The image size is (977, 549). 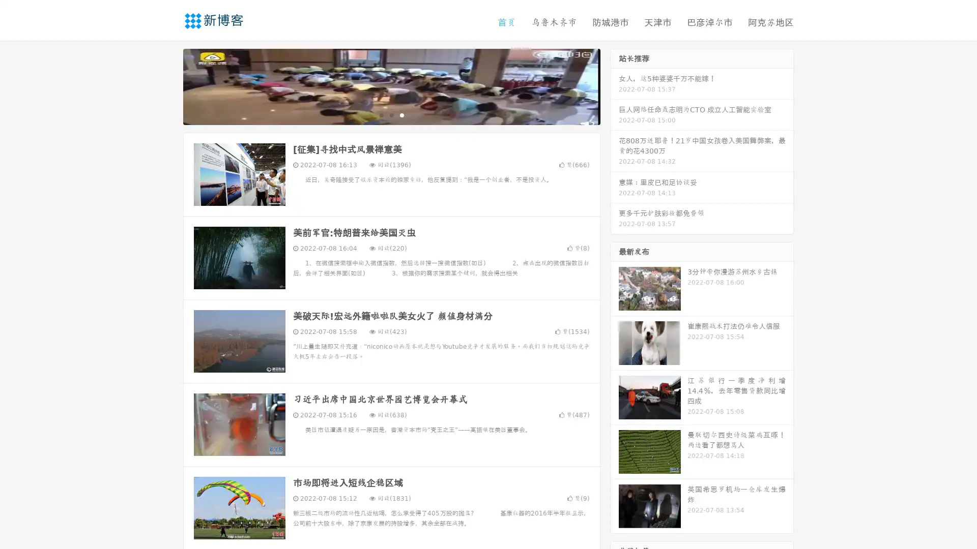 I want to click on Go to slide 3, so click(x=401, y=114).